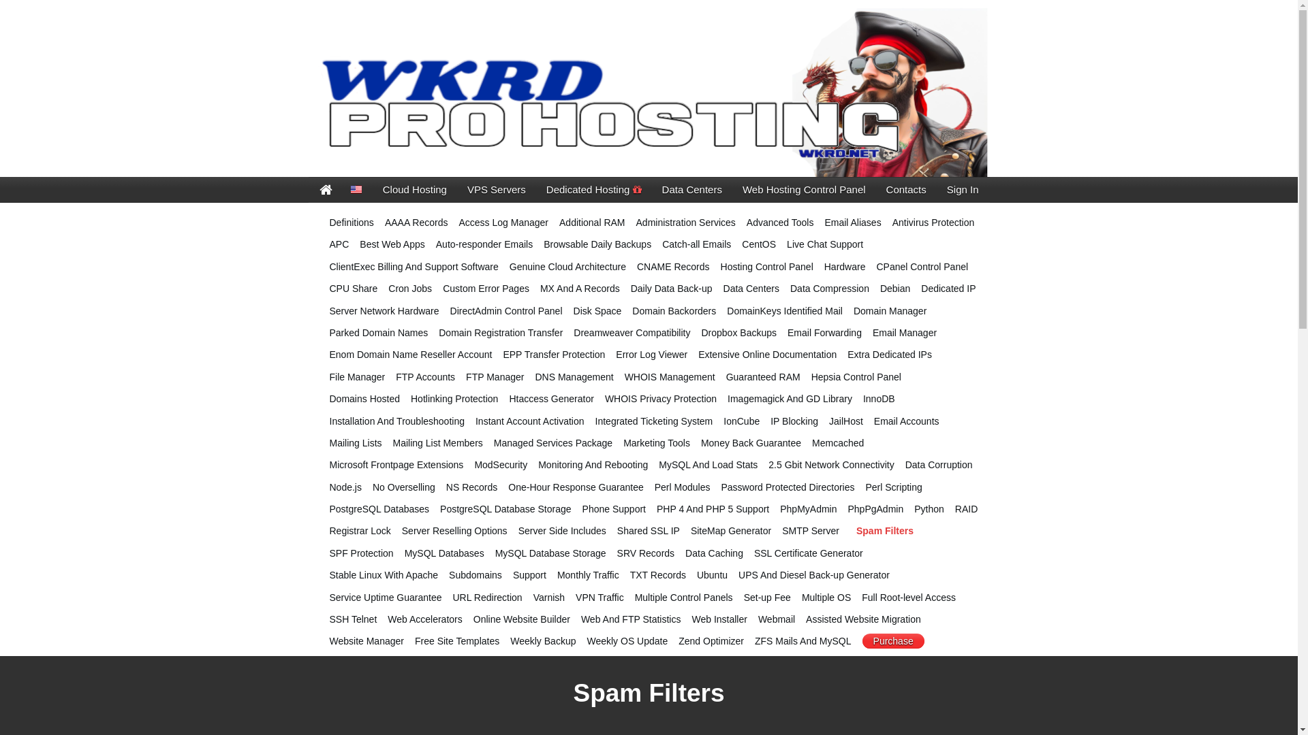 This screenshot has height=735, width=1308. I want to click on 'ModSecurity', so click(499, 463).